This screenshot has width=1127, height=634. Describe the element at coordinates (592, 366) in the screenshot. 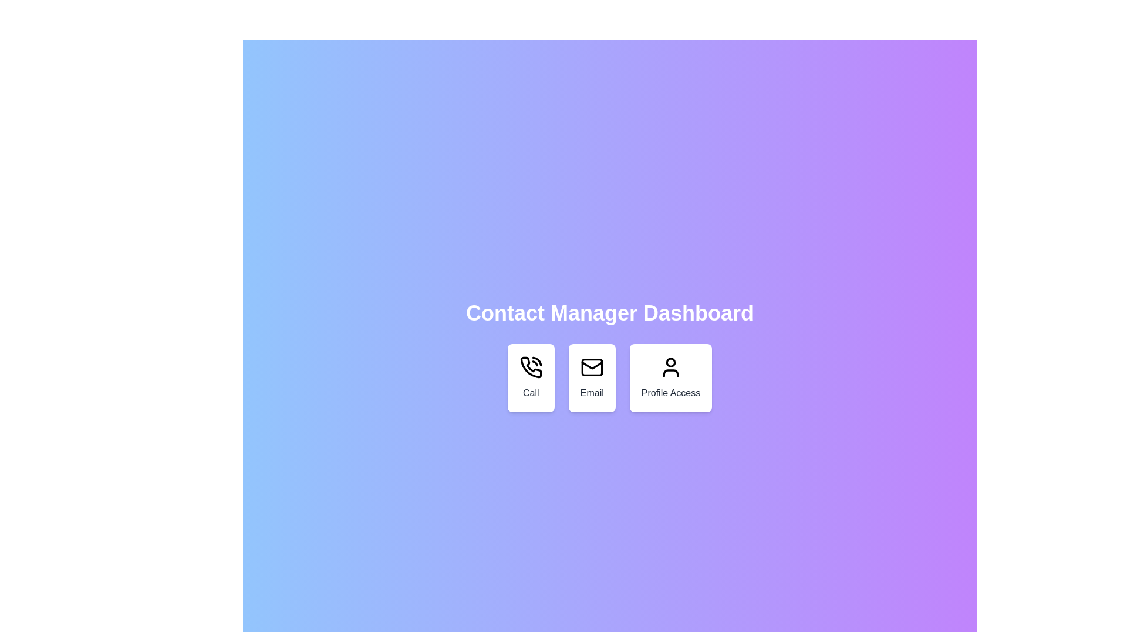

I see `the envelope icon in the center column of the options` at that location.